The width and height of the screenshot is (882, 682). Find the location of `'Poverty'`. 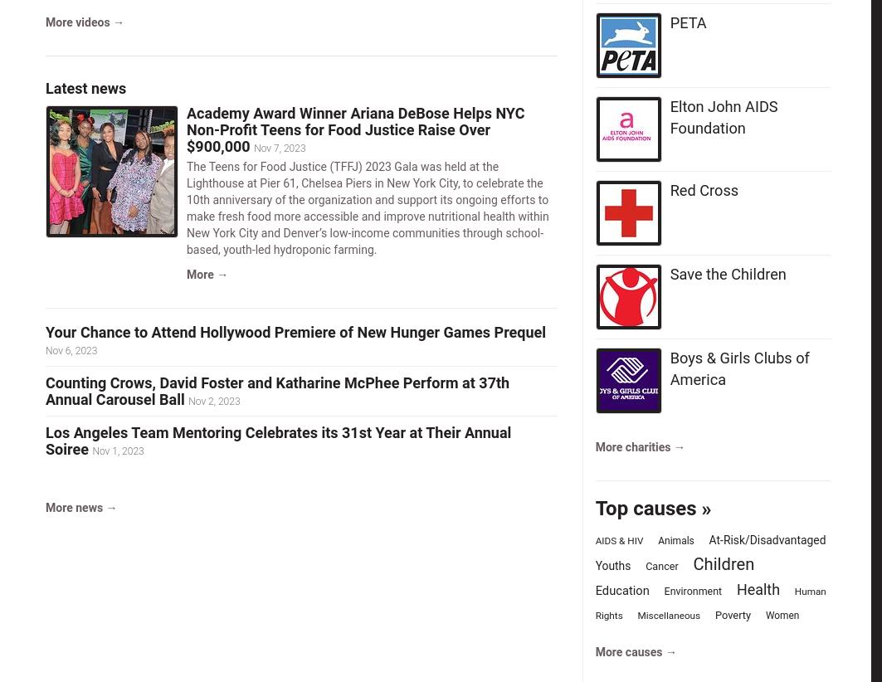

'Poverty' is located at coordinates (732, 613).